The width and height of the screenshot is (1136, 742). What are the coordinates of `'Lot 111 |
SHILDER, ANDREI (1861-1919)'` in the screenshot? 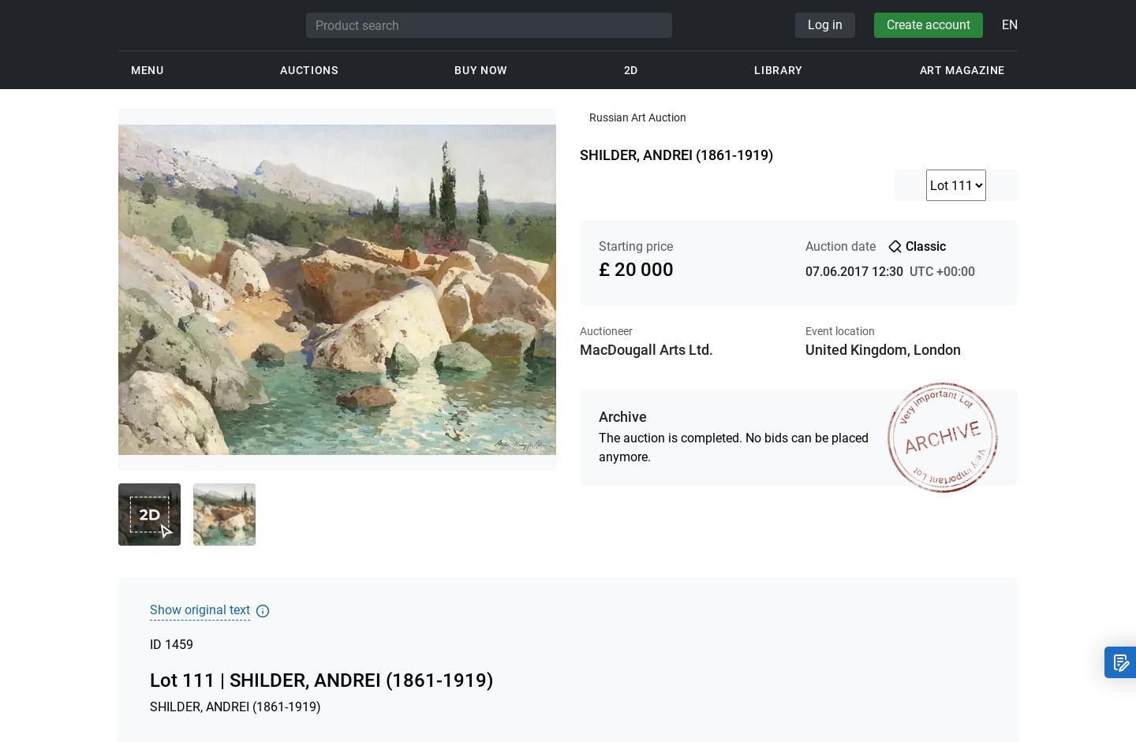 It's located at (320, 680).